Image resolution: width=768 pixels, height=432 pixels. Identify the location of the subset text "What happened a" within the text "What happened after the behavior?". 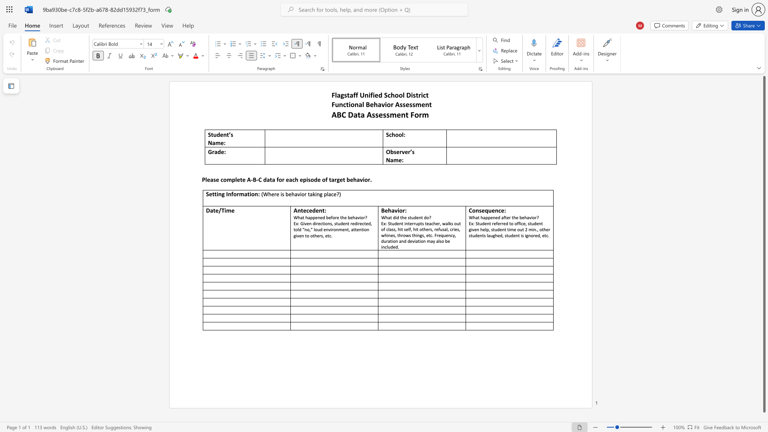
(468, 217).